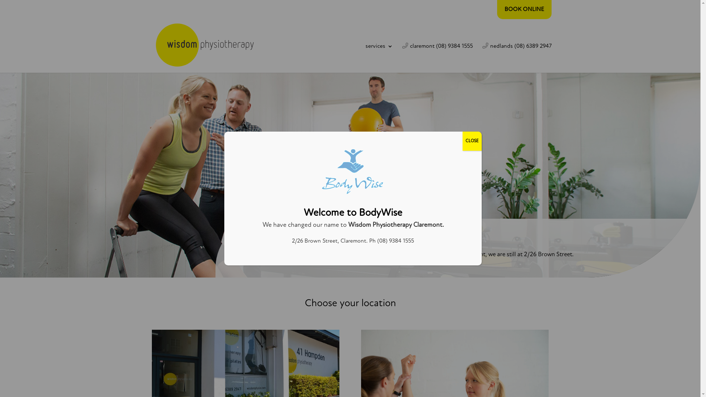 The image size is (706, 397). I want to click on 'services', so click(379, 58).